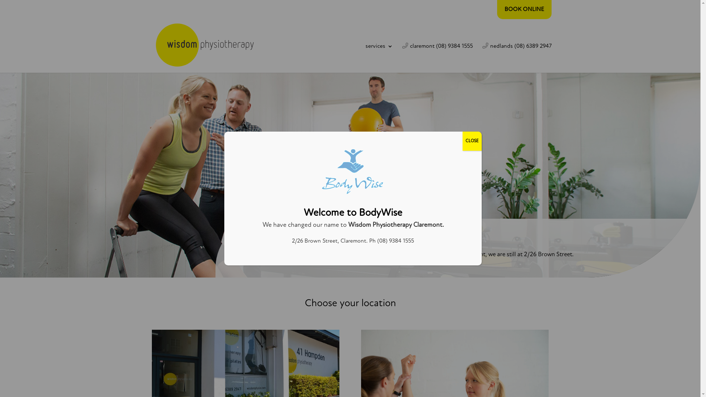 The image size is (706, 397). I want to click on 'services', so click(379, 58).